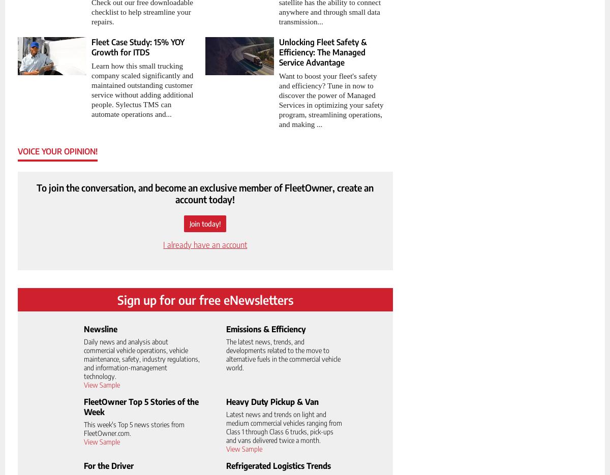 This screenshot has height=475, width=610. Describe the element at coordinates (141, 358) in the screenshot. I see `'Daily news and analysis about commercial vehicle operations, vehicle maintenance, safety, industry regulations, and information-management technology.'` at that location.